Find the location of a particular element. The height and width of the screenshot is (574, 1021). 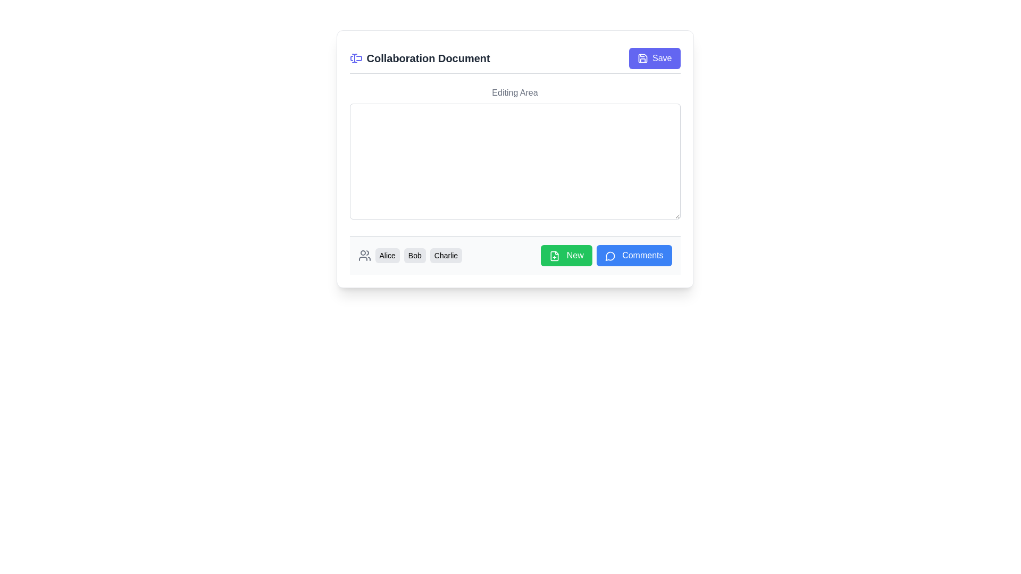

the green button labeled 'New' with a document plus icon to initiate the creation process is located at coordinates (566, 256).